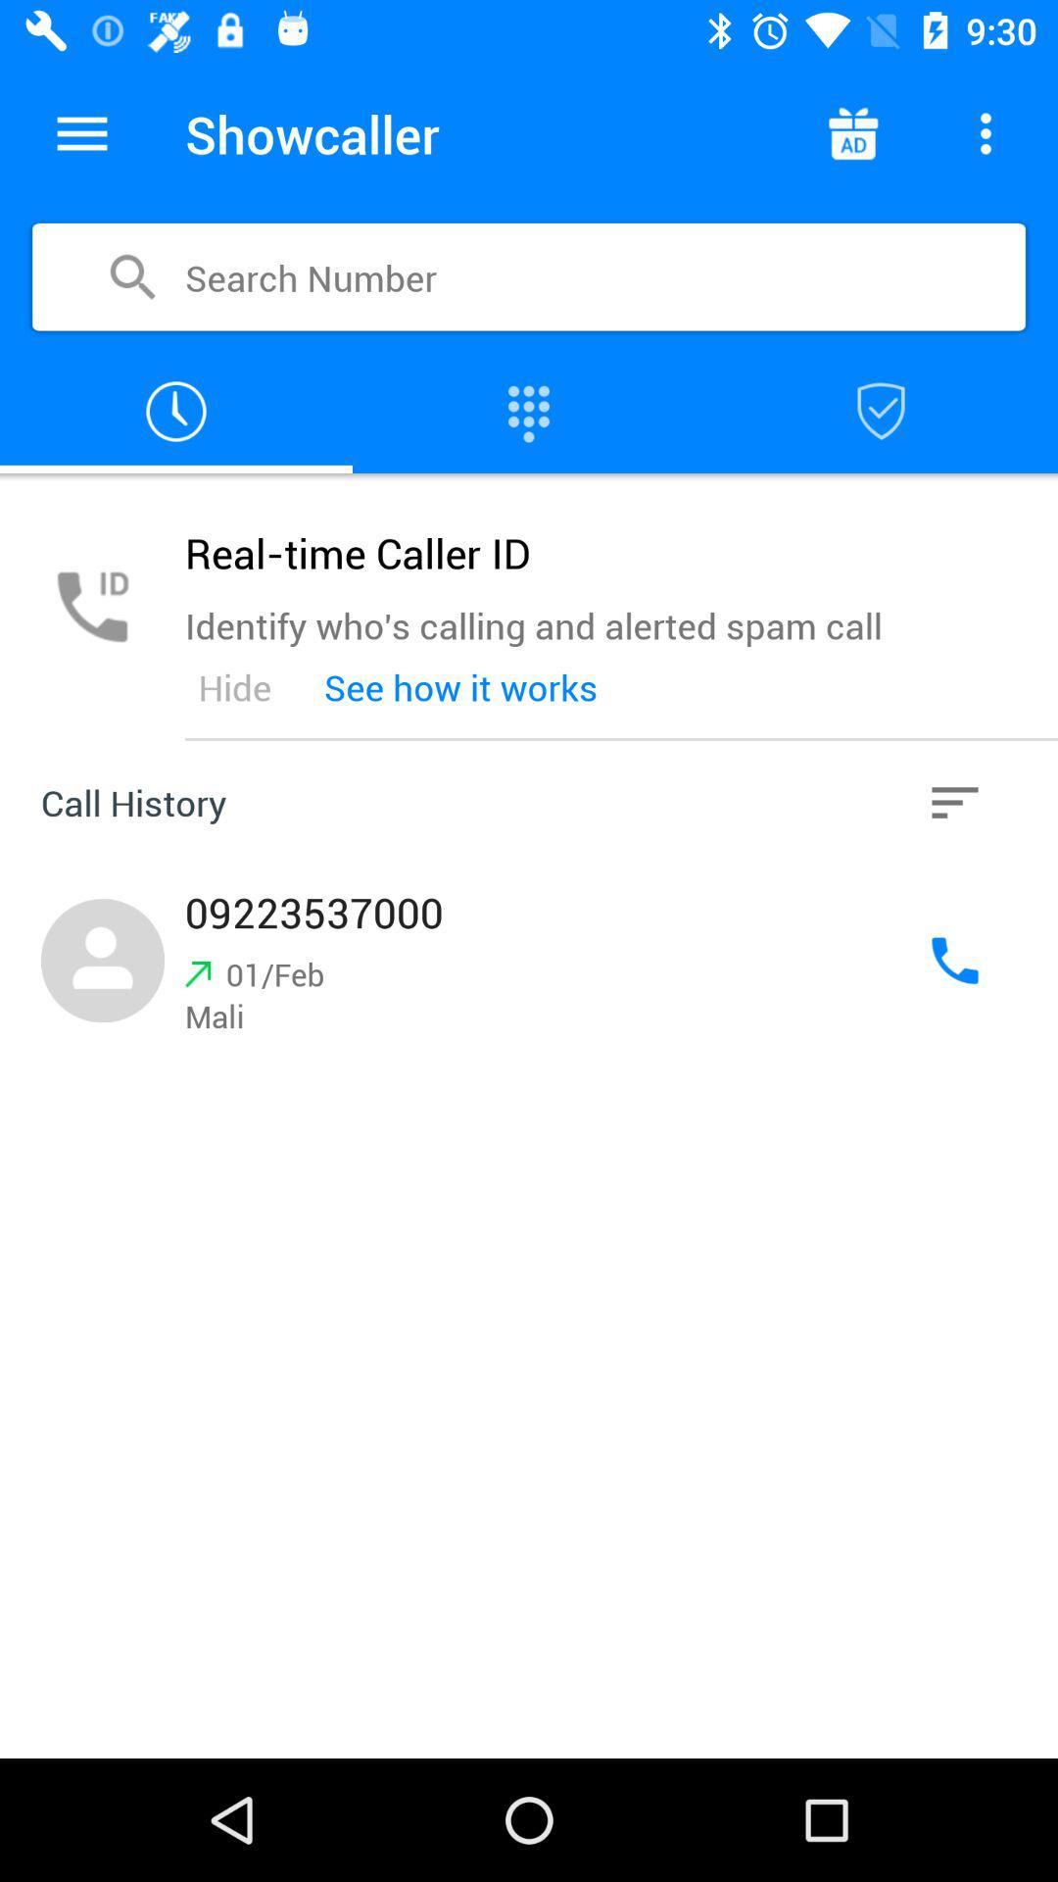  Describe the element at coordinates (529, 411) in the screenshot. I see `make phone call` at that location.